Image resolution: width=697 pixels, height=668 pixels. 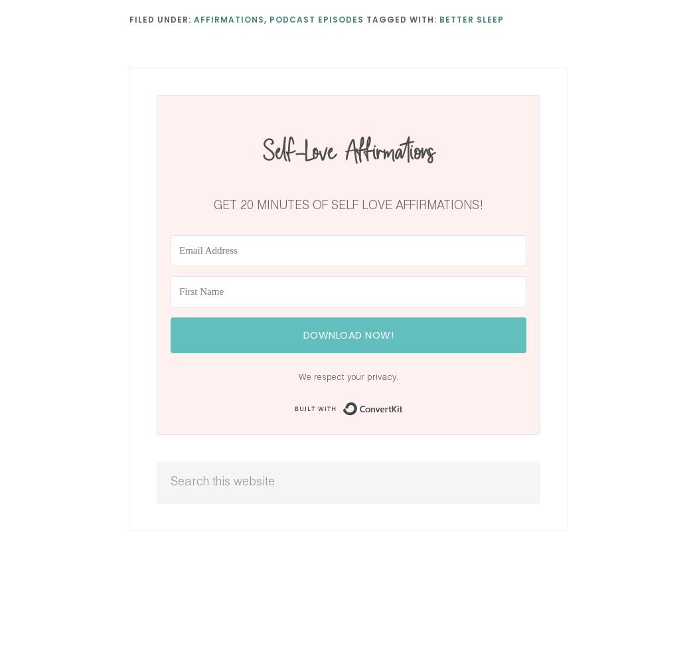 I want to click on ',', so click(x=267, y=19).